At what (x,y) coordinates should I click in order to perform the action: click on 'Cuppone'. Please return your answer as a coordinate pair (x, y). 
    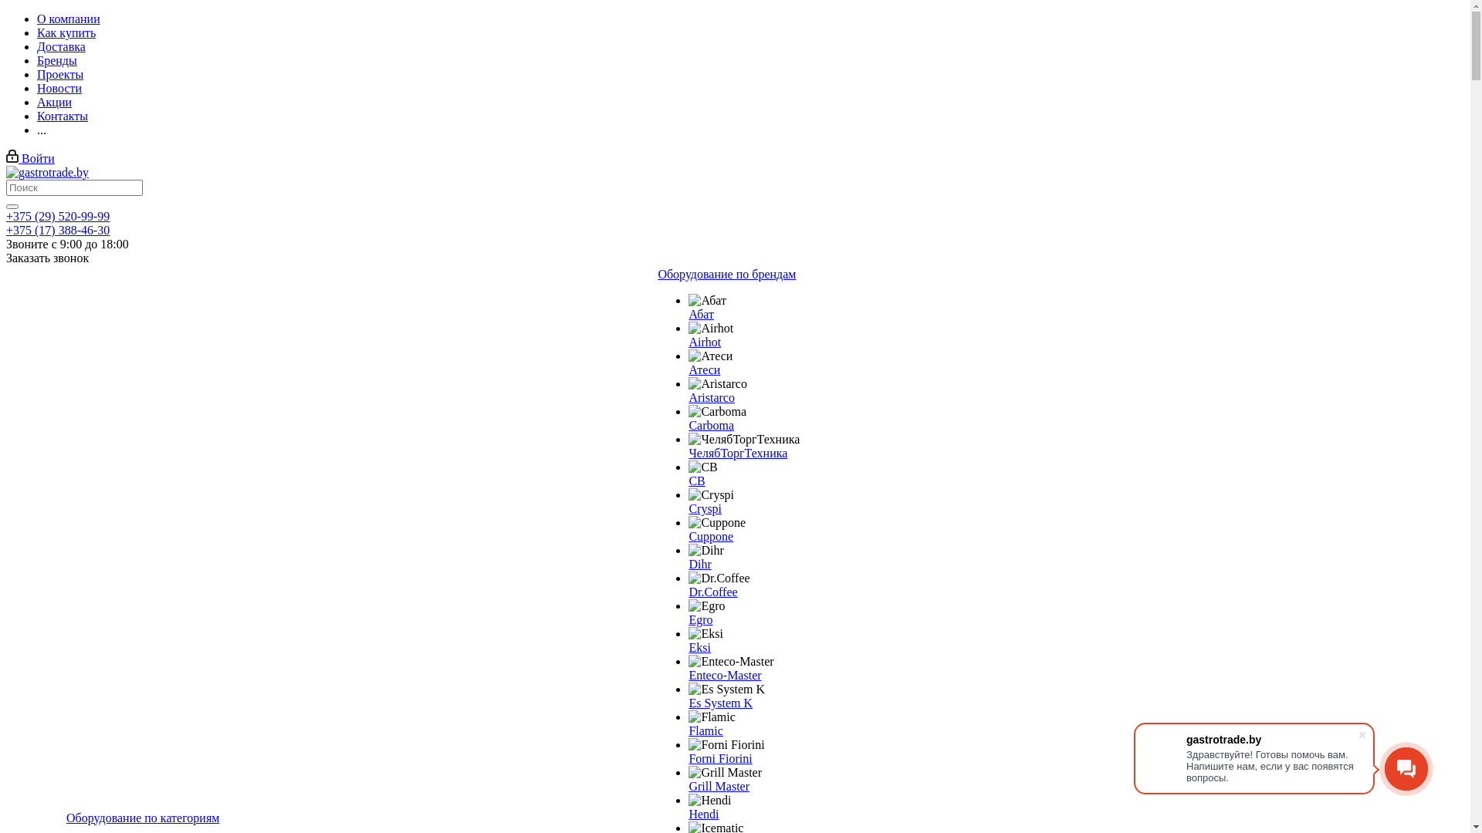
    Looking at the image, I should click on (710, 535).